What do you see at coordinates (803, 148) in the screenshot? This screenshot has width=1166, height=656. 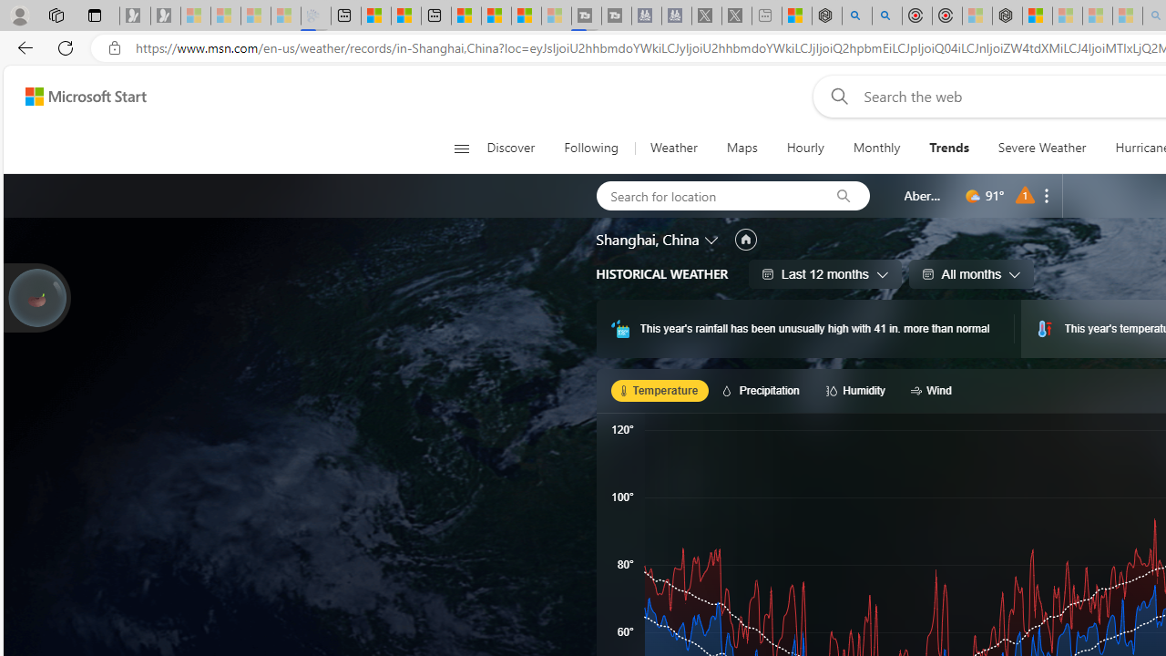 I see `'Hourly'` at bounding box center [803, 148].